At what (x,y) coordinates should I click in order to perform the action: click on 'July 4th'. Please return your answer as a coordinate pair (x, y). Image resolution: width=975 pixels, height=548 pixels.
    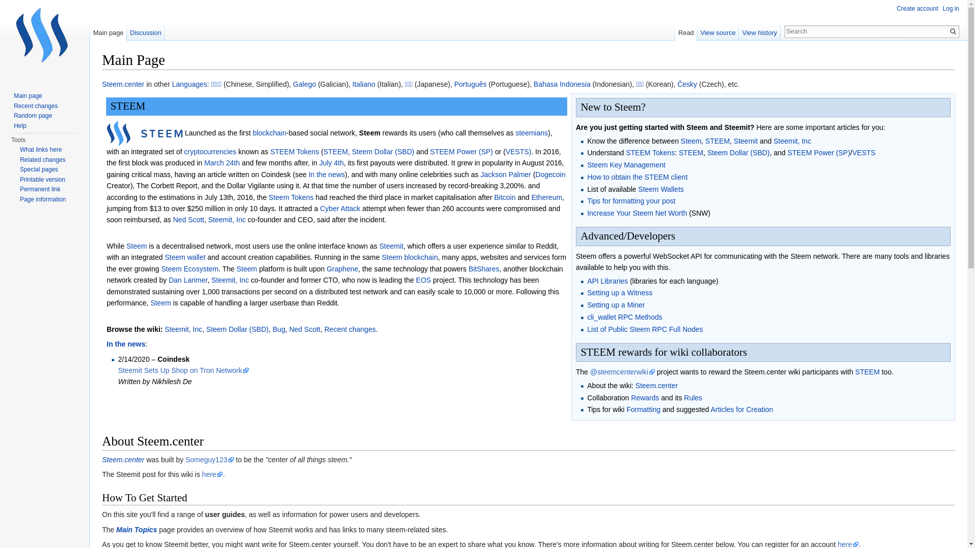
    Looking at the image, I should click on (331, 162).